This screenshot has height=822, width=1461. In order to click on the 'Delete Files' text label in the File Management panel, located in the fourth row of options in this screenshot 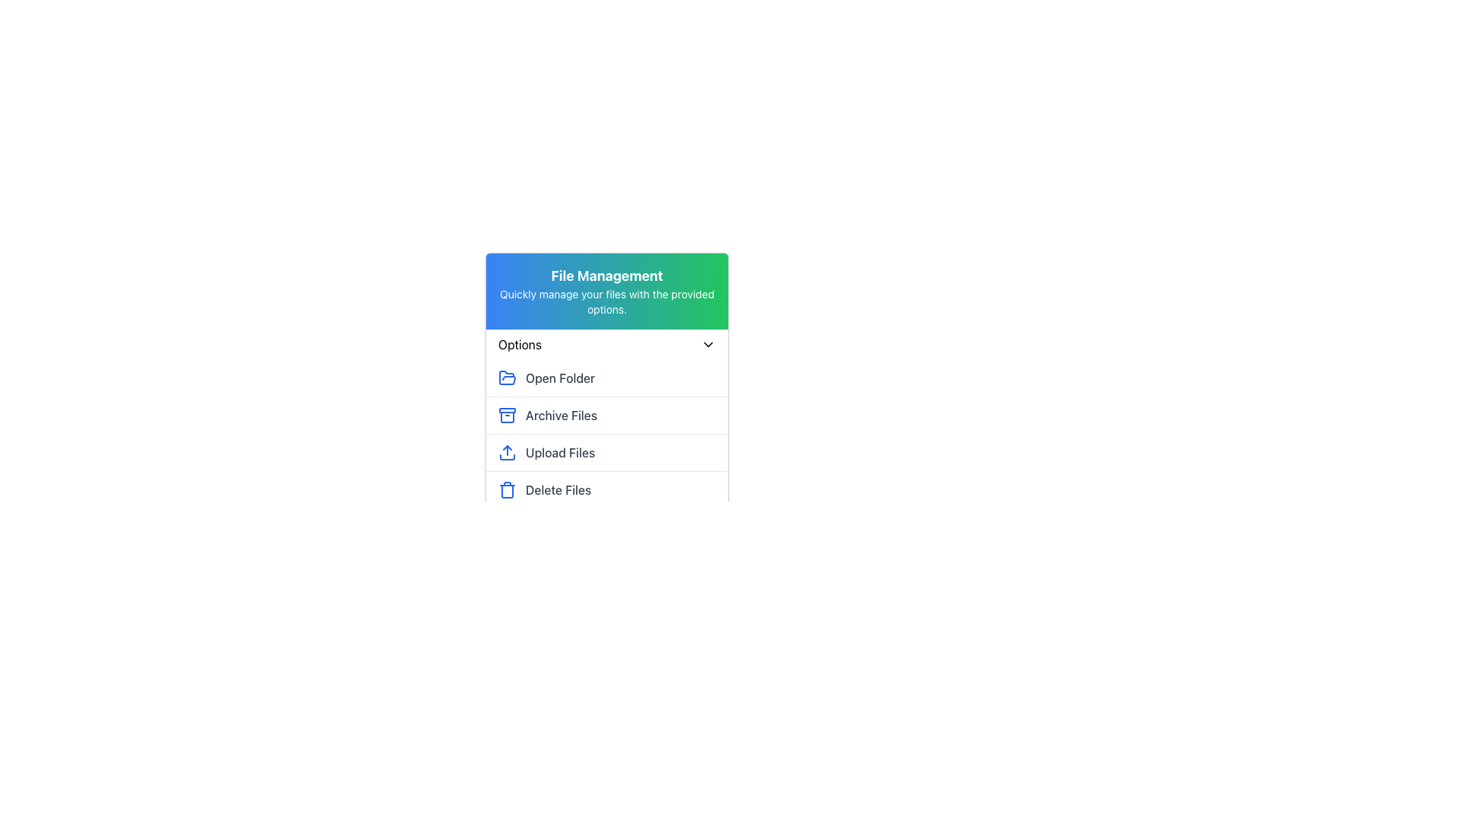, I will do `click(558, 490)`.